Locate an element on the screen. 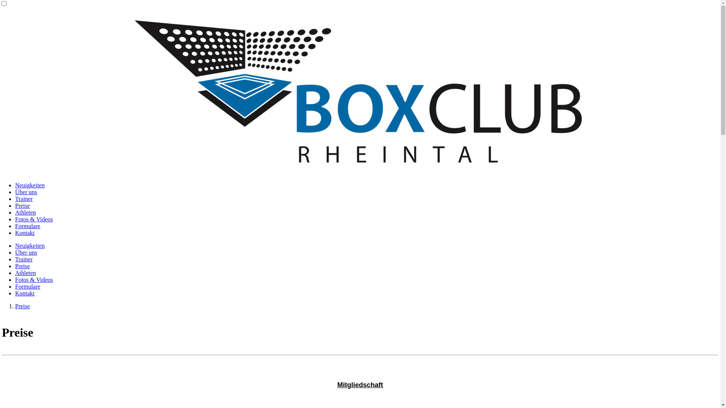 Image resolution: width=726 pixels, height=408 pixels. 'Neuigkeiten' is located at coordinates (29, 185).